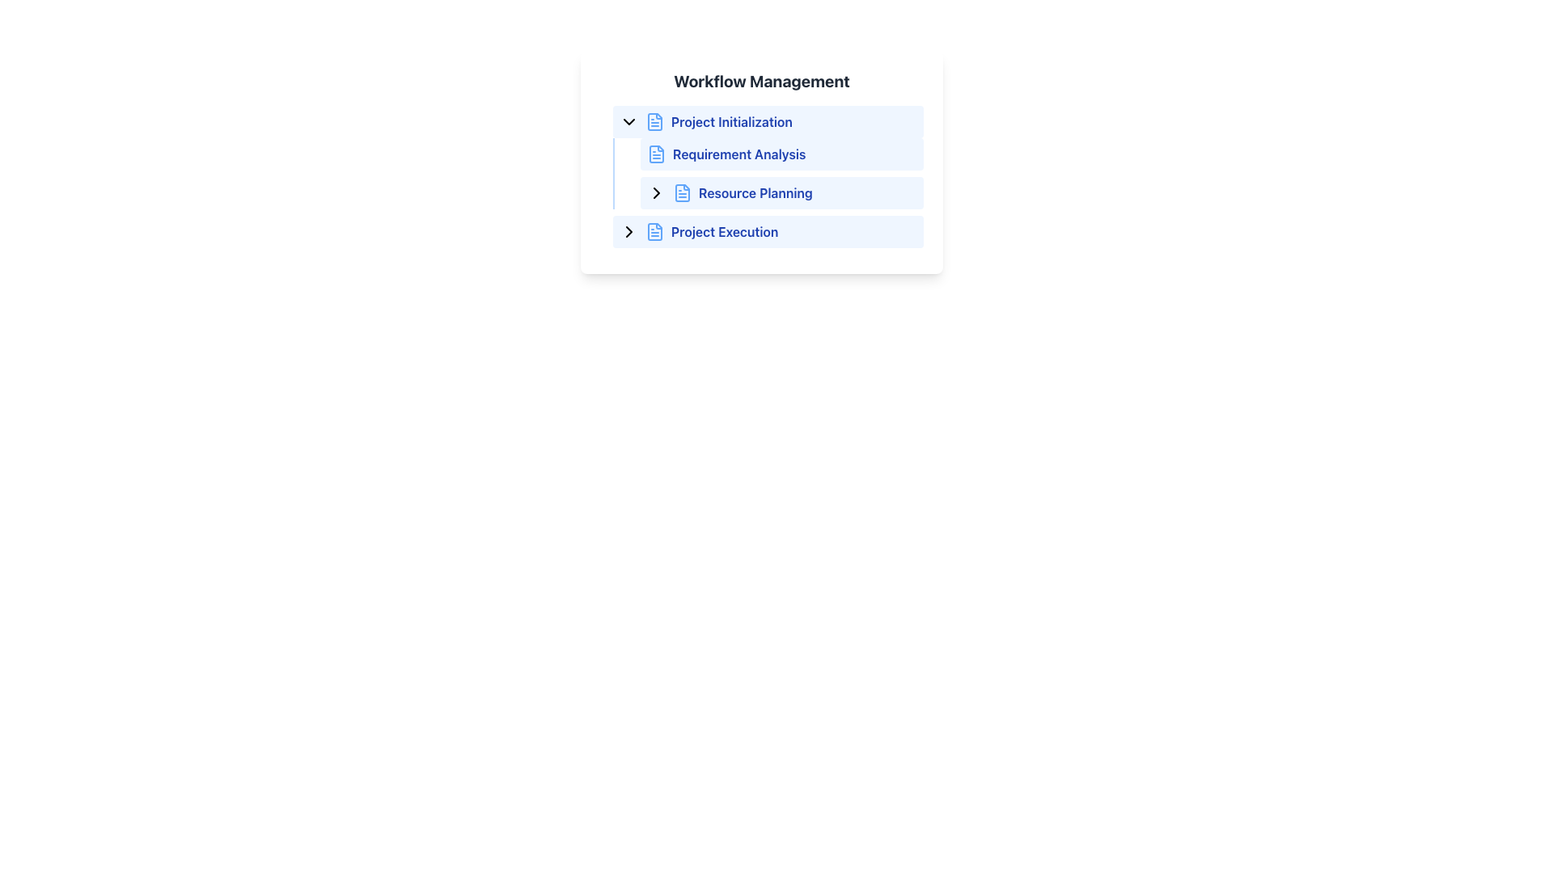 This screenshot has width=1553, height=873. Describe the element at coordinates (656, 154) in the screenshot. I see `the document icon with a blue outline located to the left of the text 'Requirement Analysis' in the 'Project Initialization' section of the 'Workflow Management' hierarchy` at that location.